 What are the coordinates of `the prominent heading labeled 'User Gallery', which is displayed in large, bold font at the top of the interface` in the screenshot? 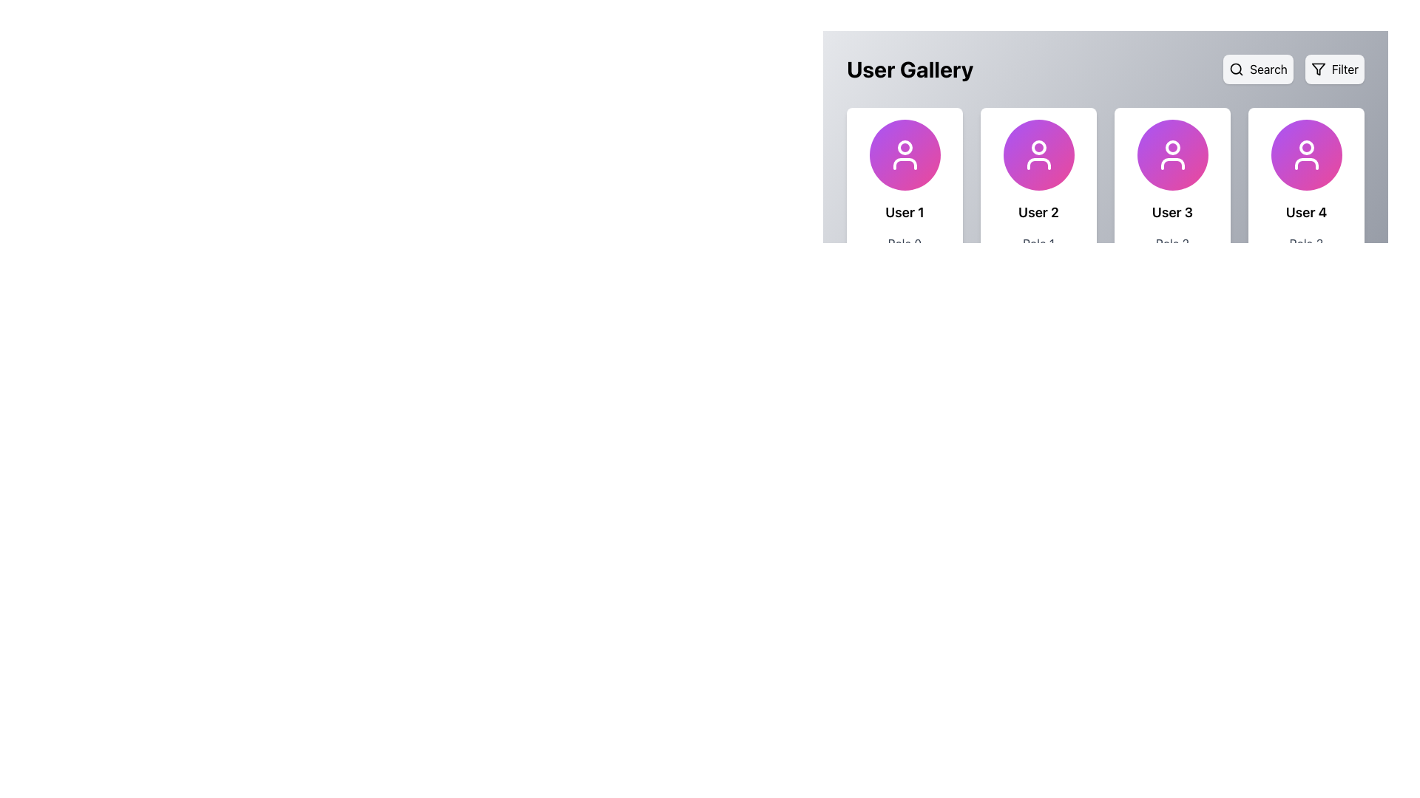 It's located at (909, 69).